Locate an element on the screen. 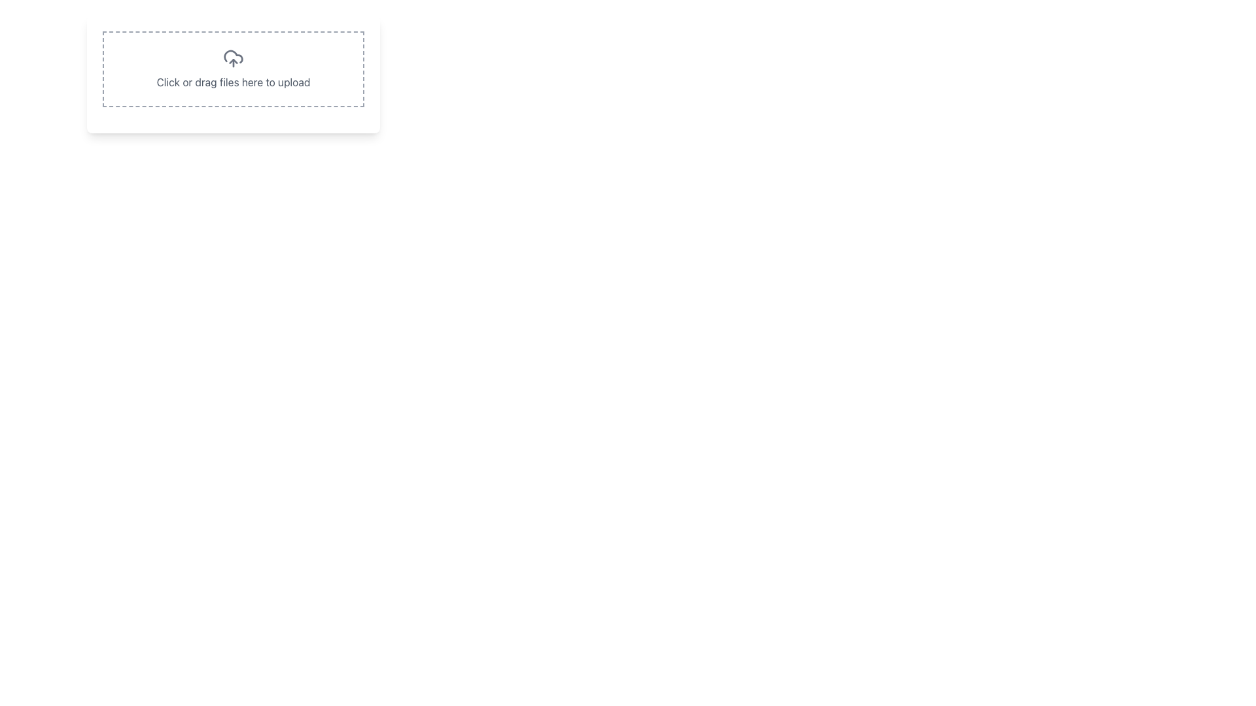 The width and height of the screenshot is (1256, 706). instructions from the text label stating 'Click or drag files here to upload', which is centrally positioned within the dashed-bordered upload zone is located at coordinates (233, 82).